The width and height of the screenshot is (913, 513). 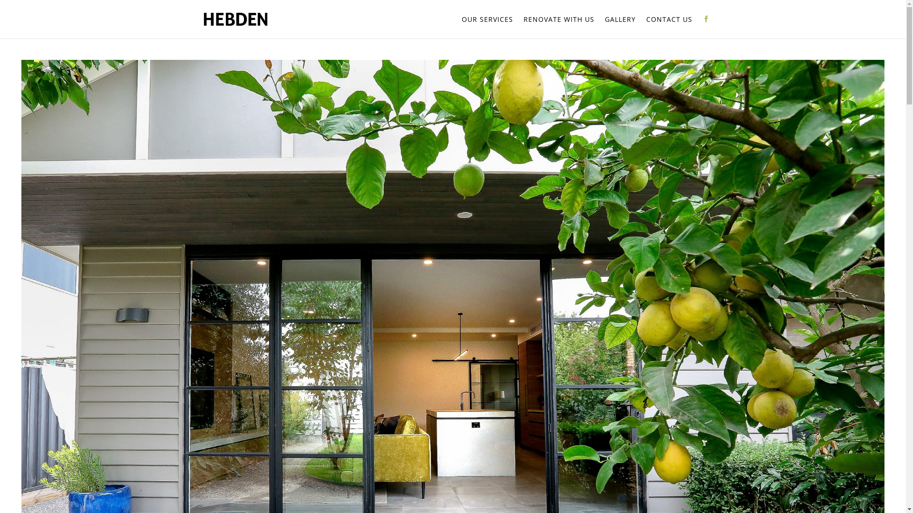 What do you see at coordinates (668, 27) in the screenshot?
I see `'CONTACT US'` at bounding box center [668, 27].